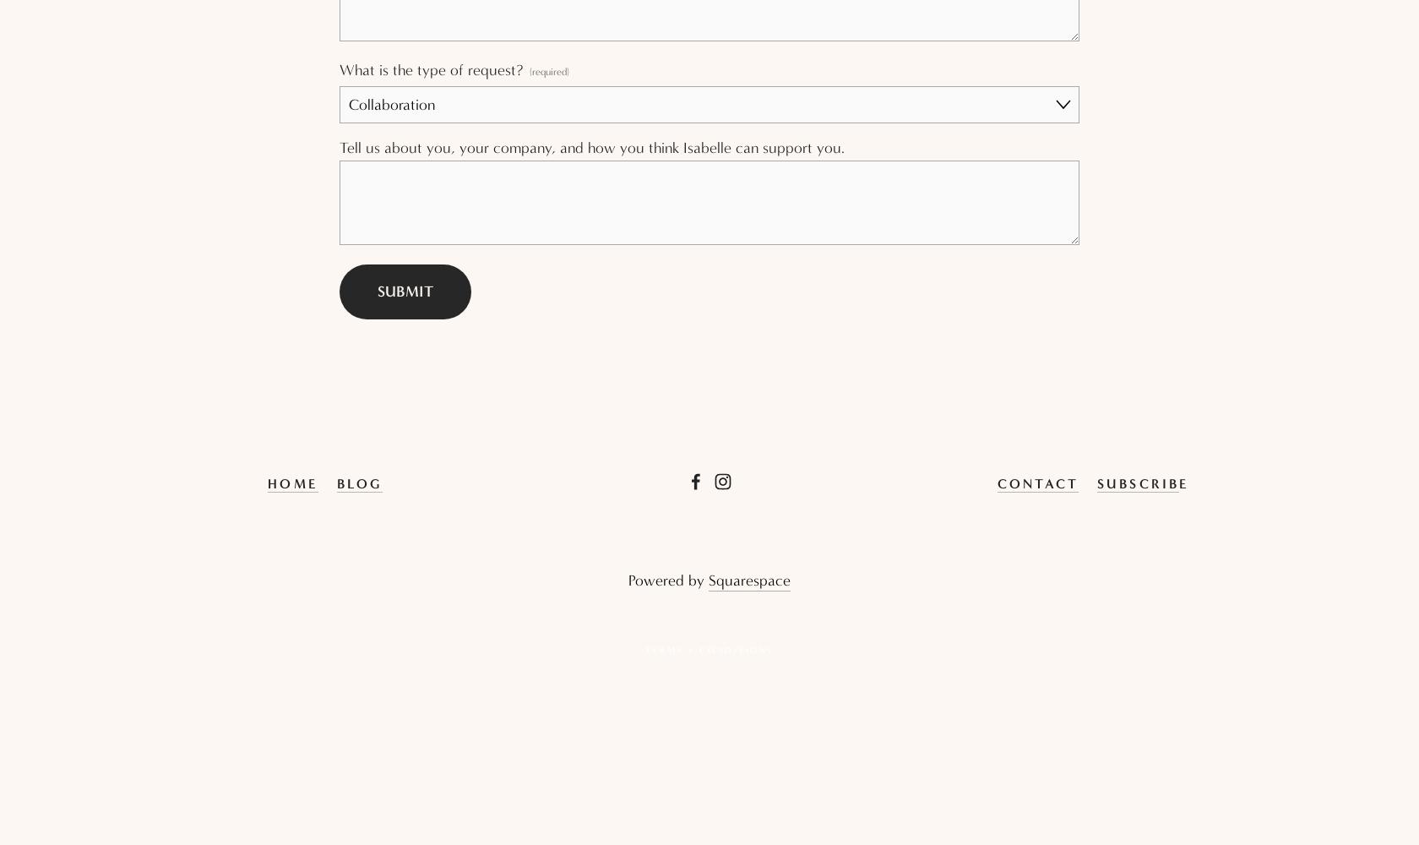 This screenshot has height=845, width=1419. Describe the element at coordinates (749, 581) in the screenshot. I see `'Squarespace'` at that location.